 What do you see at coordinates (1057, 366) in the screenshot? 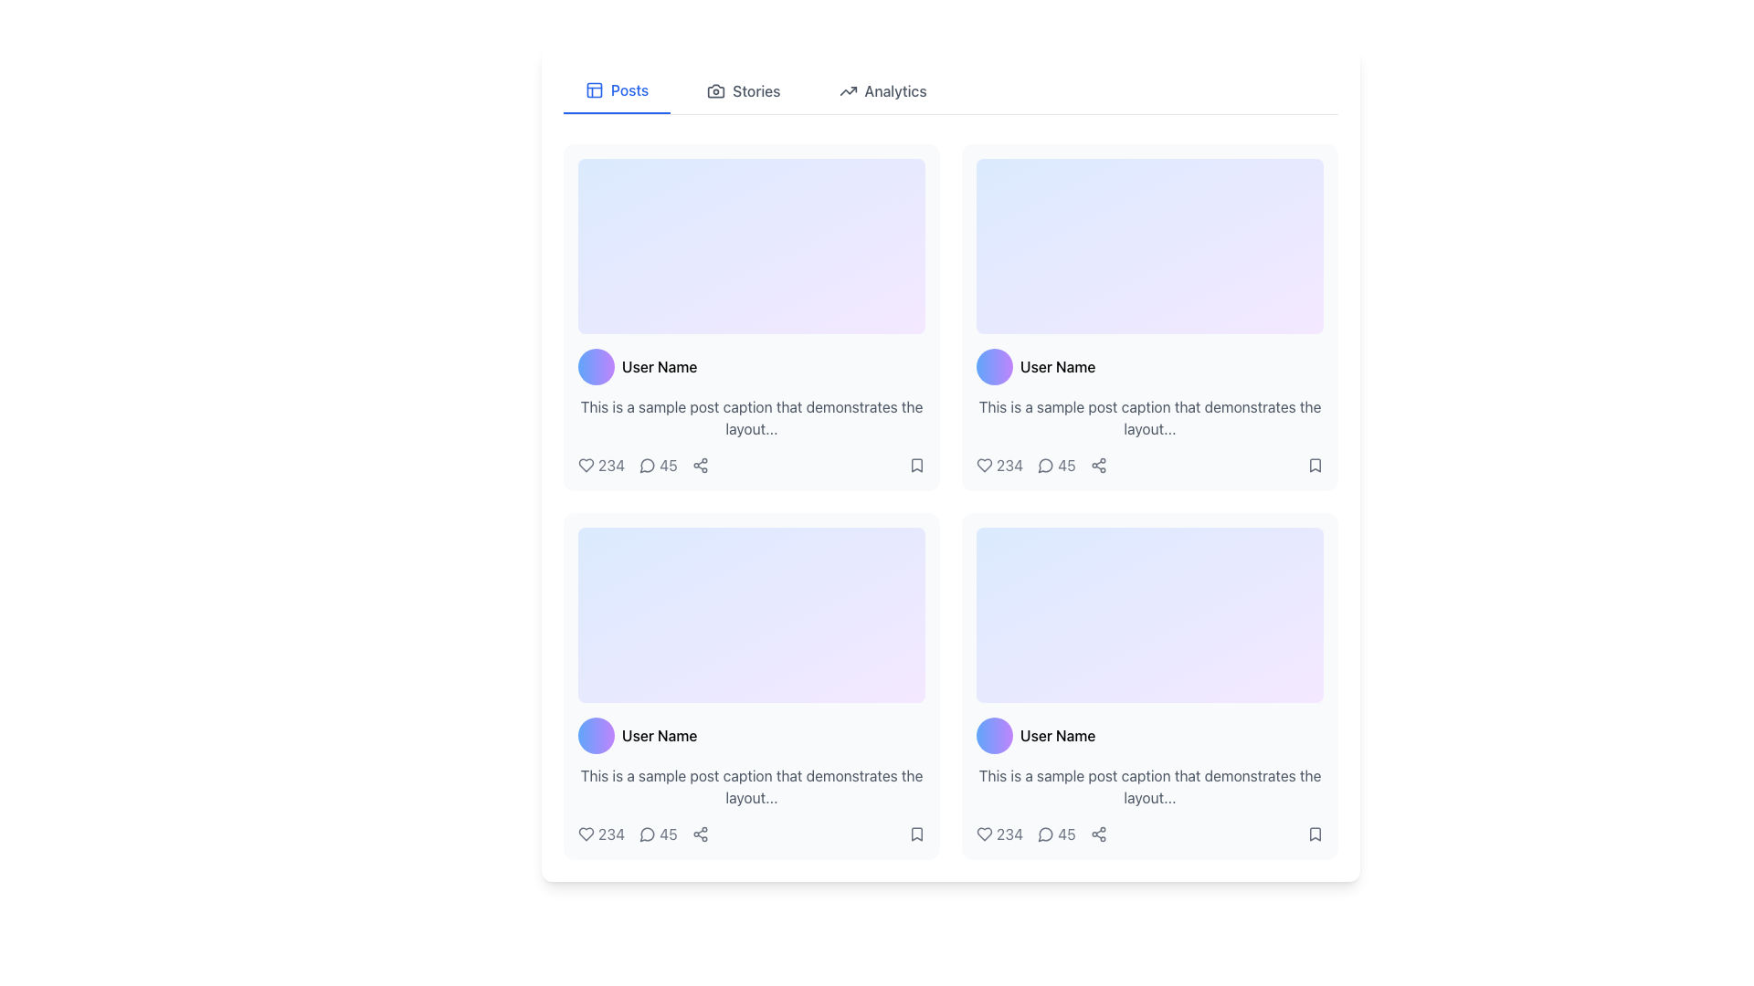
I see `the 'User Name' text label to initiate a profile view` at bounding box center [1057, 366].